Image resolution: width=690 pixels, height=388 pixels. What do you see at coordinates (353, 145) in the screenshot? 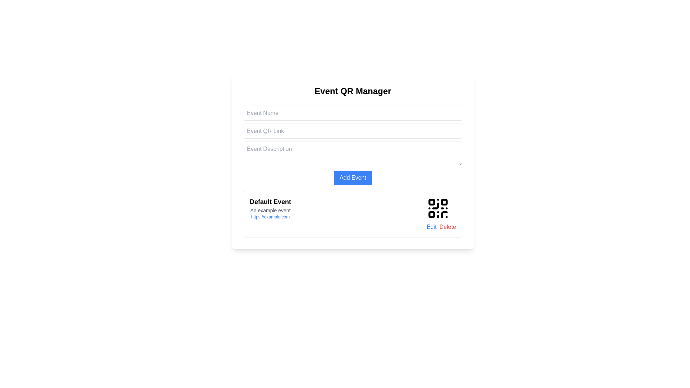
I see `the input fields in the Form section of the 'Event QR Manager' to type event details like name, description, and QR link` at bounding box center [353, 145].